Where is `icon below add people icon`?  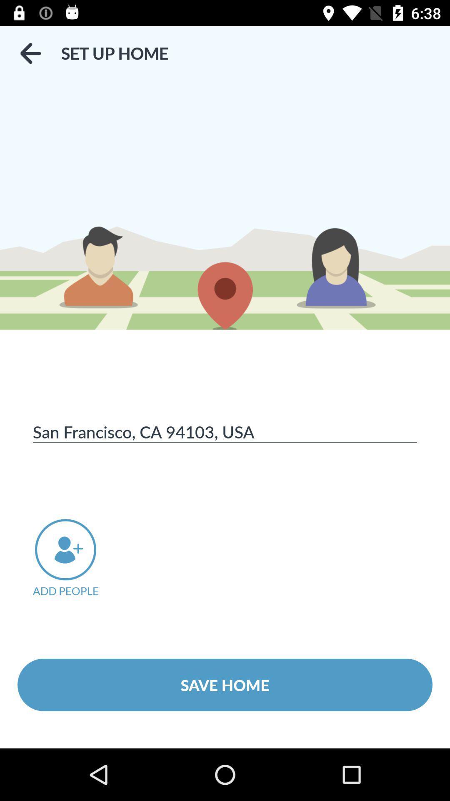 icon below add people icon is located at coordinates (225, 685).